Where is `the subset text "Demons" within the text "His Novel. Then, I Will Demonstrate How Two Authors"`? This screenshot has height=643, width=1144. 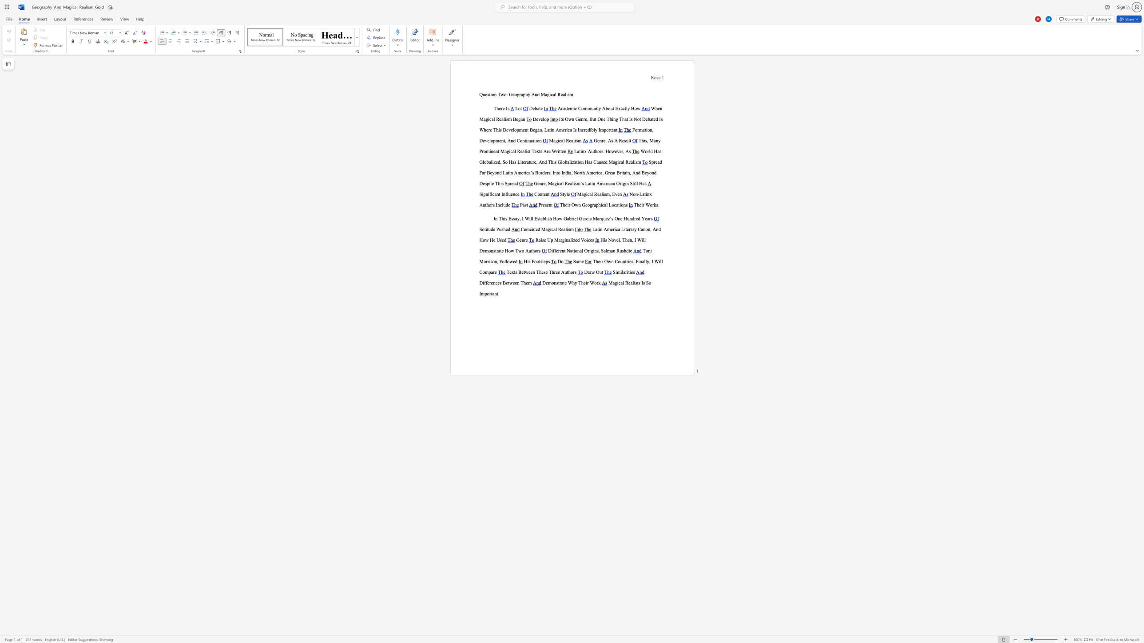
the subset text "Demons" within the text "His Novel. Then, I Will Demonstrate How Two Authors" is located at coordinates (479, 250).